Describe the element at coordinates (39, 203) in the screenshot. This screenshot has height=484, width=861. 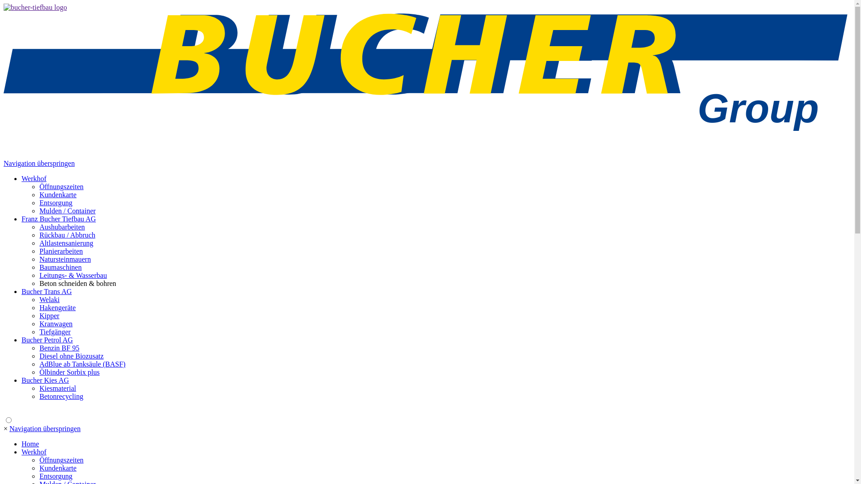
I see `'Entsorgung'` at that location.